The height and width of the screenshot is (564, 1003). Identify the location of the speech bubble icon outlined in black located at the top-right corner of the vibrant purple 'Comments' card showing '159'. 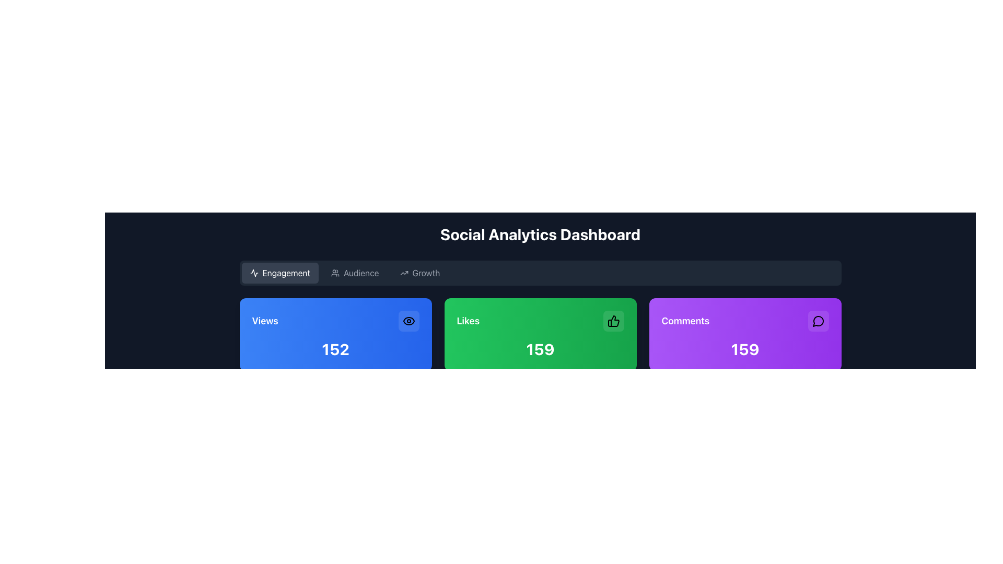
(817, 321).